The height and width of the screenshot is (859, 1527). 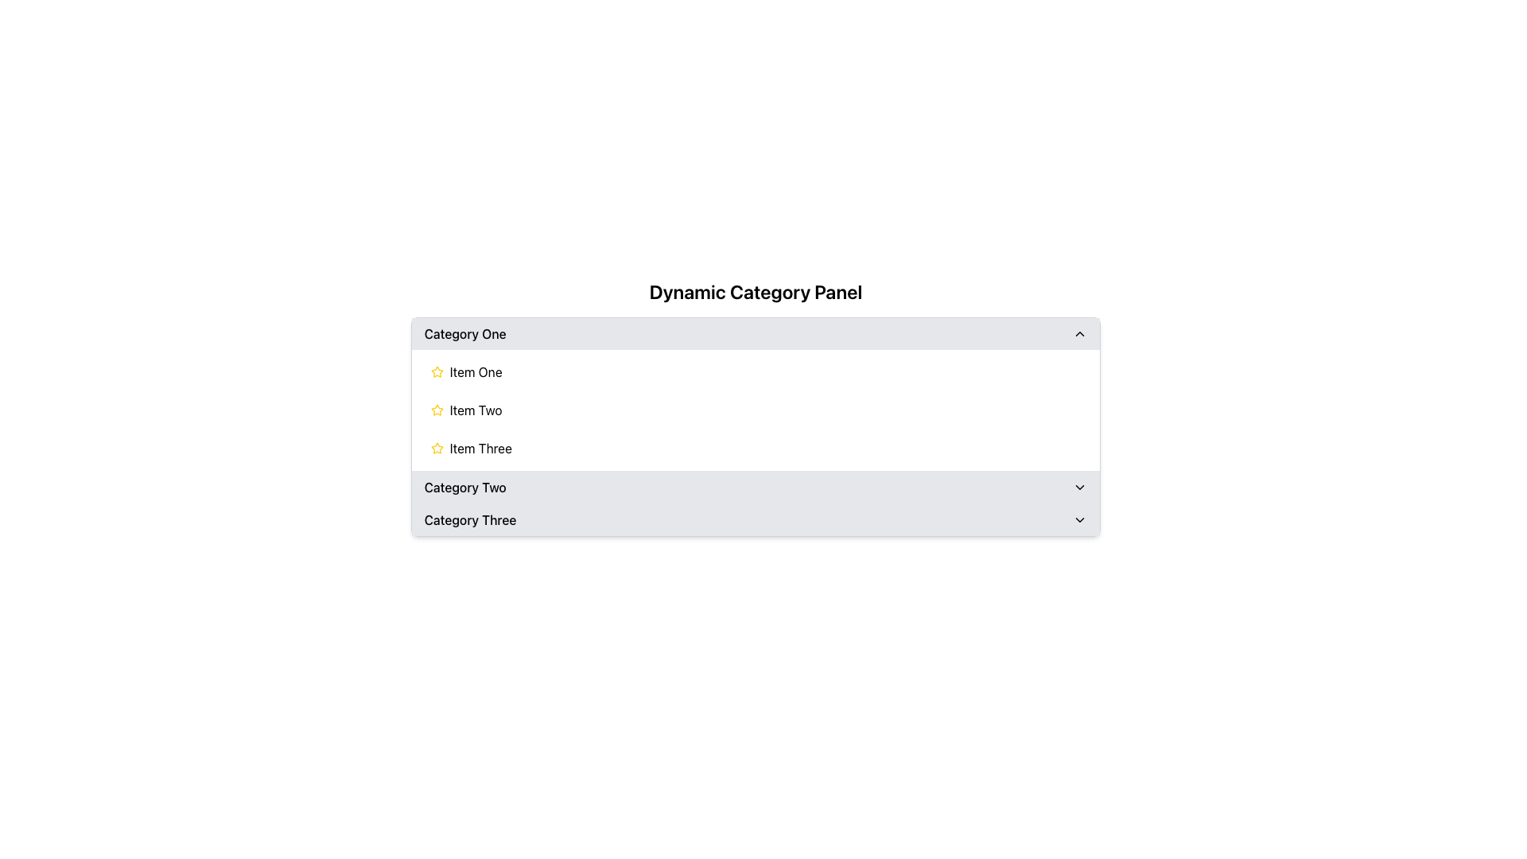 What do you see at coordinates (1080, 333) in the screenshot?
I see `the upward-pointing chevron icon located at the far right end of the 'Category One' section header` at bounding box center [1080, 333].